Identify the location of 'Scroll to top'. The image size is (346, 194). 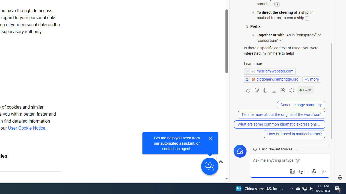
(221, 167).